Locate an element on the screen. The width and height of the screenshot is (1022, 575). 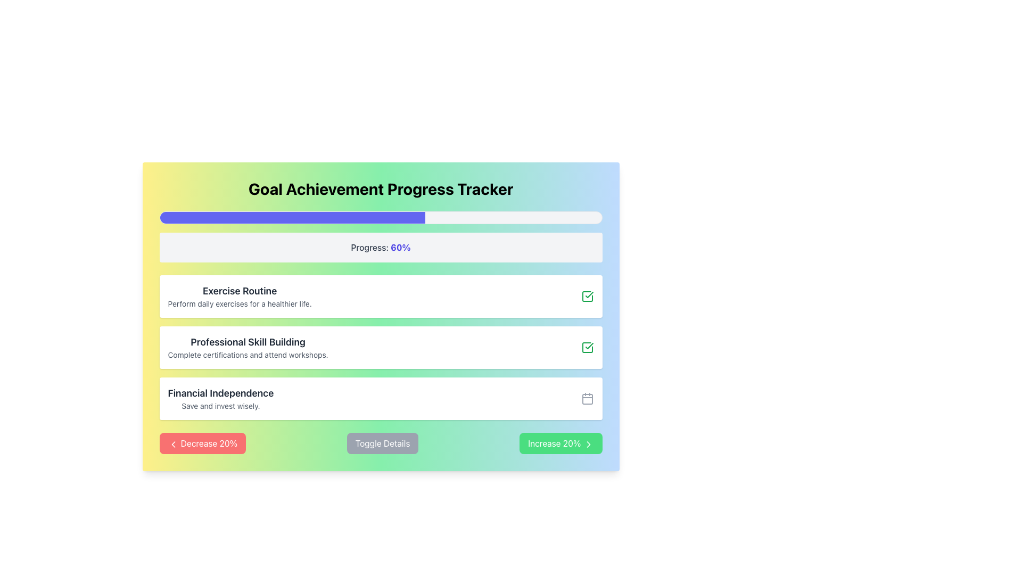
the icon that visually indicates the 'Decrease 20%' action, located within the button labeled 'Decrease 20%' at the bottom-left of the interface is located at coordinates (173, 444).